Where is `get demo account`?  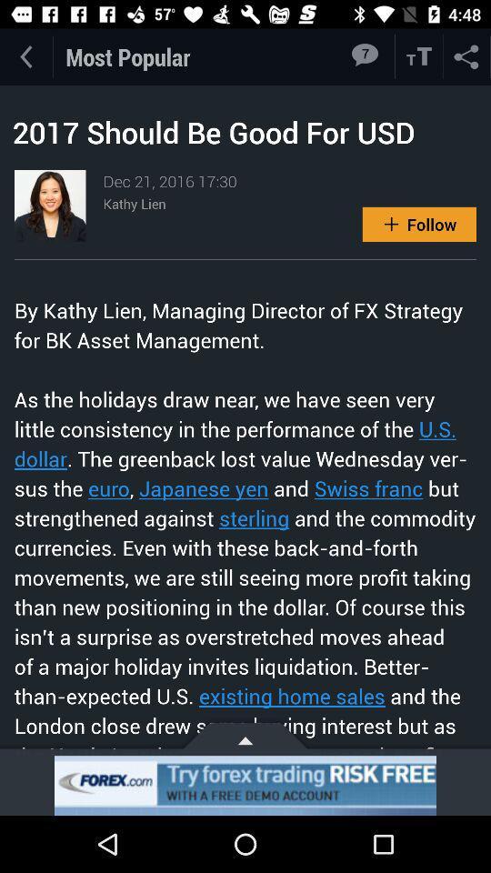 get demo account is located at coordinates (245, 785).